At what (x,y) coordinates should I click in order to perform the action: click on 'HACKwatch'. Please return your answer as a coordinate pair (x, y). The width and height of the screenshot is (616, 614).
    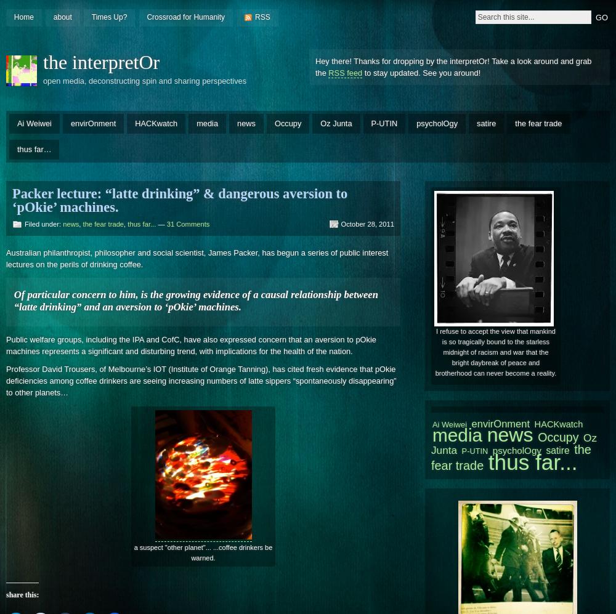
    Looking at the image, I should click on (533, 423).